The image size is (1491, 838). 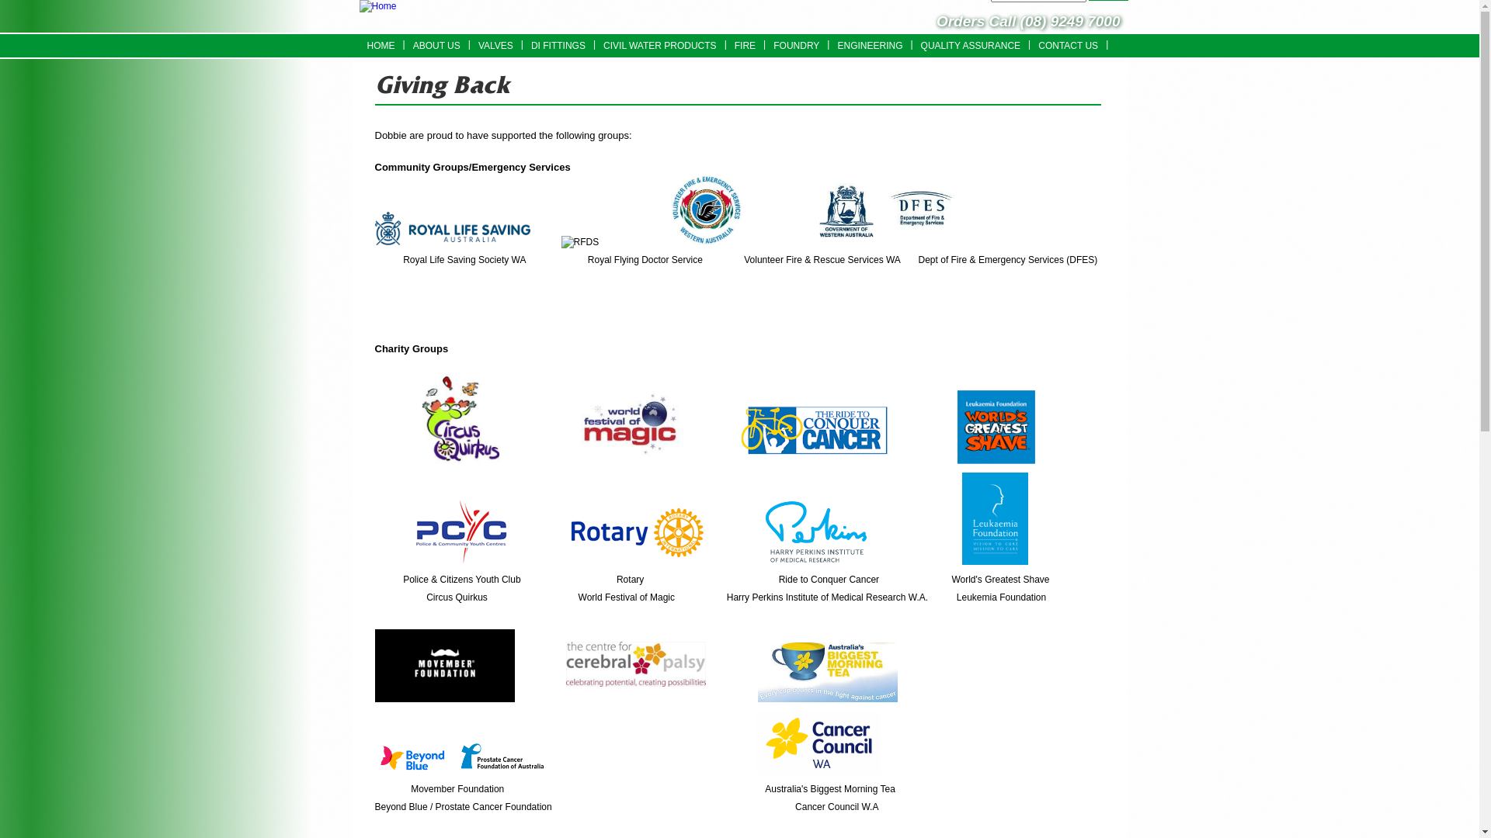 I want to click on 'FOUNDRY', so click(x=796, y=45).